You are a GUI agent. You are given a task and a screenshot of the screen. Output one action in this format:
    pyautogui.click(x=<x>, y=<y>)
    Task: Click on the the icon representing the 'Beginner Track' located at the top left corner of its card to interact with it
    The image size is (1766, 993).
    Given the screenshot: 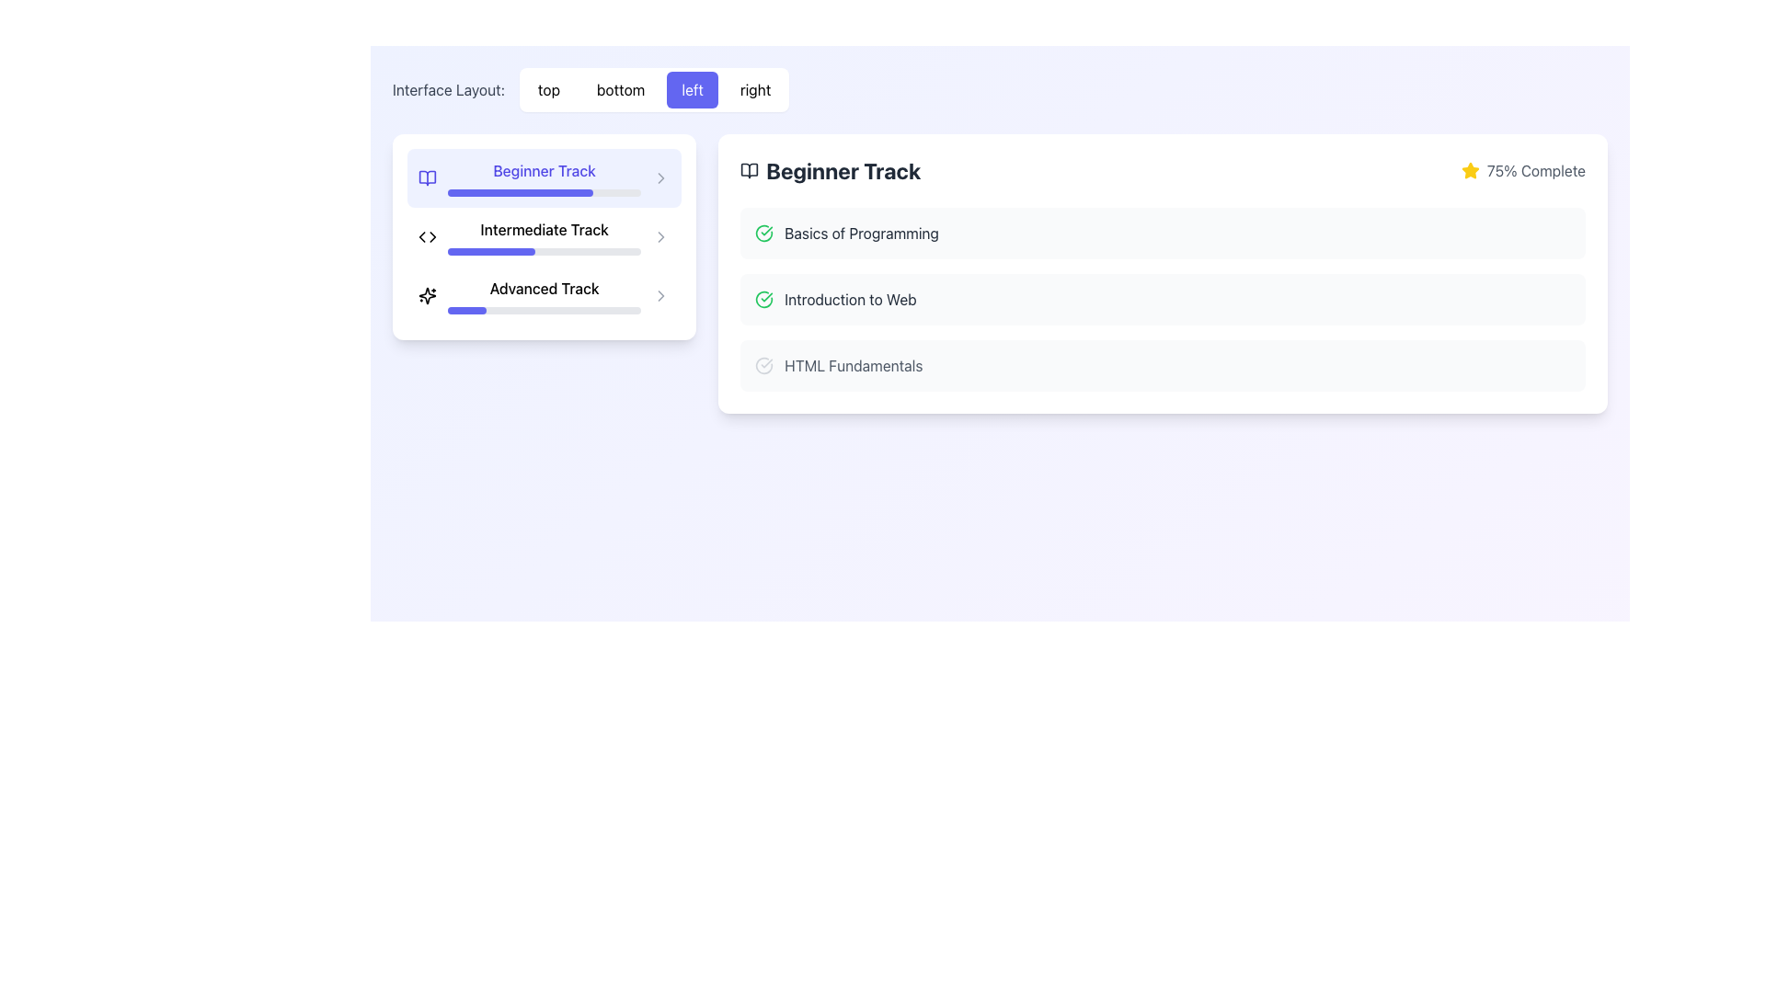 What is the action you would take?
    pyautogui.click(x=427, y=177)
    